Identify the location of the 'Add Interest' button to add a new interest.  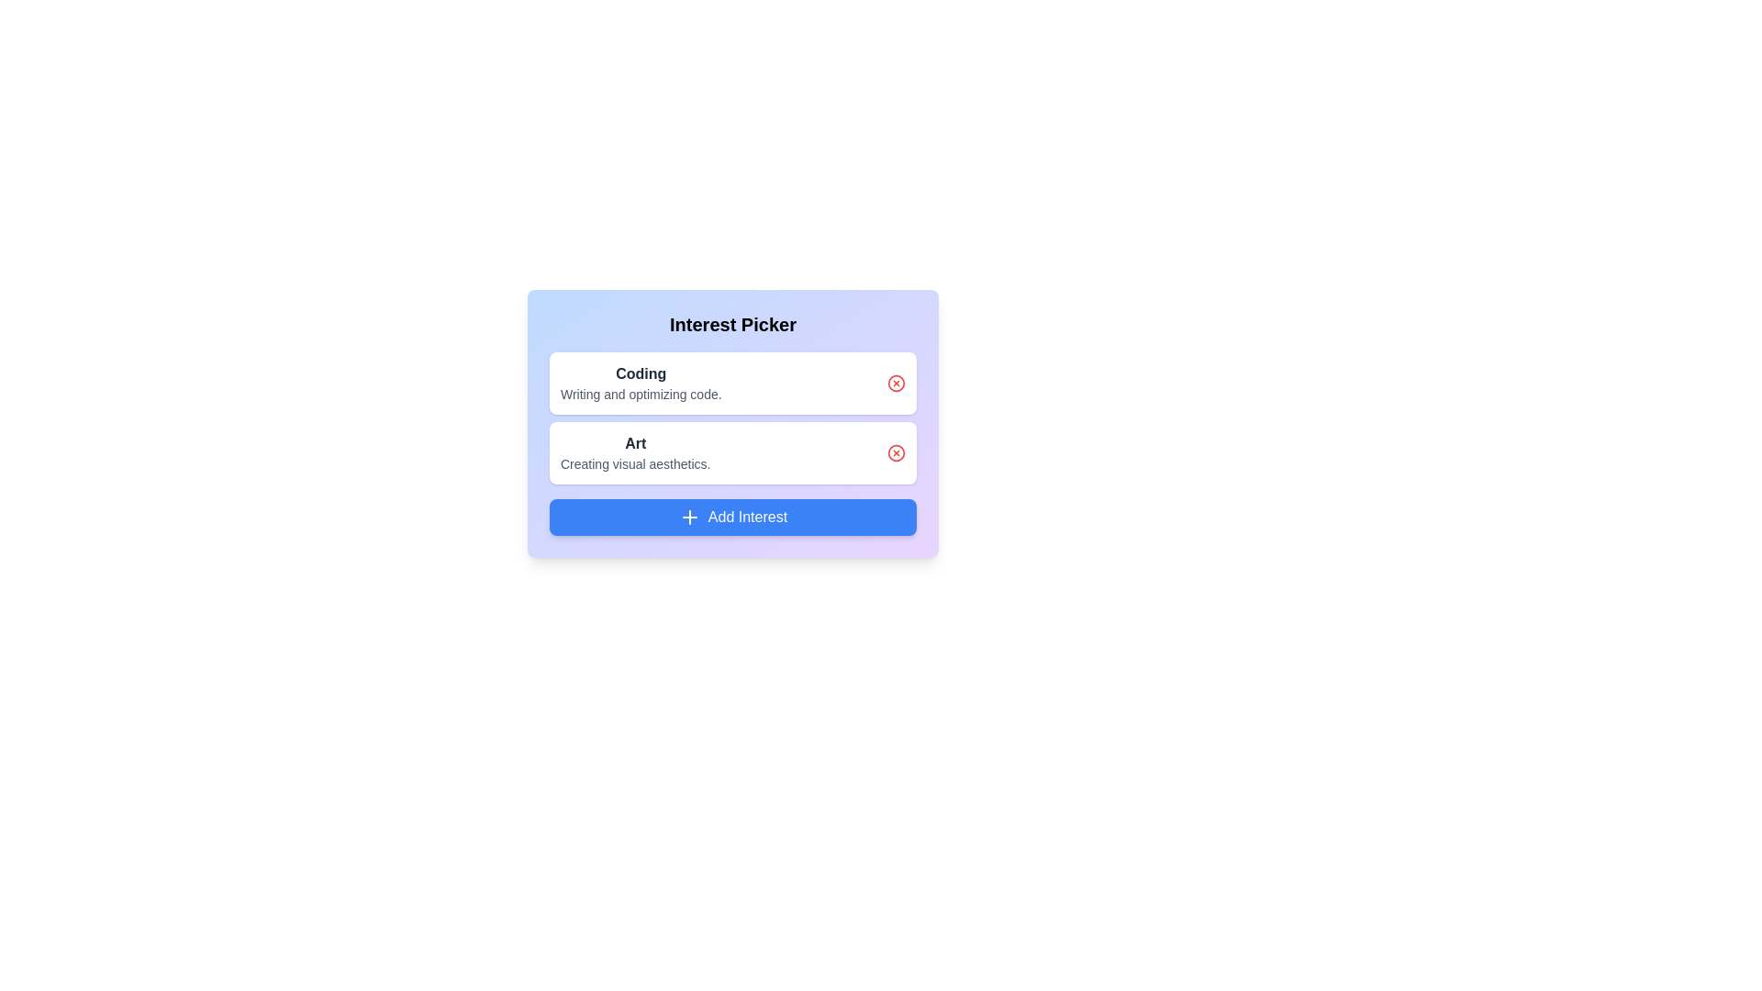
(731, 517).